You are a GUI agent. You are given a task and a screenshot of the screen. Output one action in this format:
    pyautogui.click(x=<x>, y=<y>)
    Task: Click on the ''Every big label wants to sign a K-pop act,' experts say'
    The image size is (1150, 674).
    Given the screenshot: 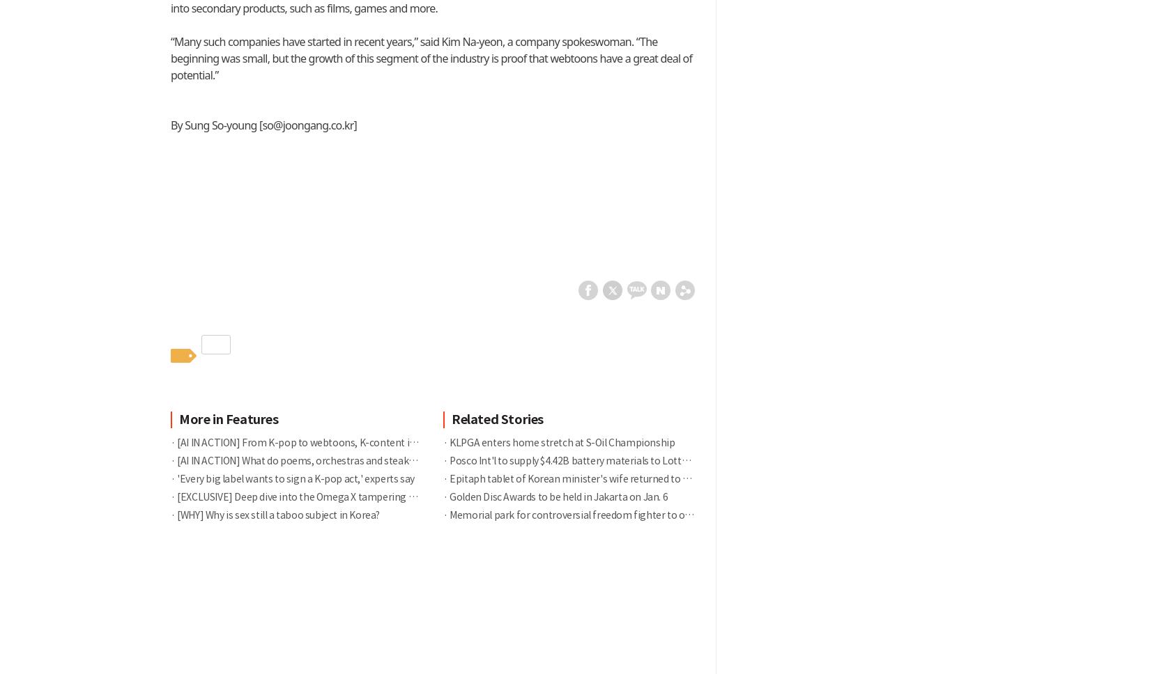 What is the action you would take?
    pyautogui.click(x=293, y=478)
    